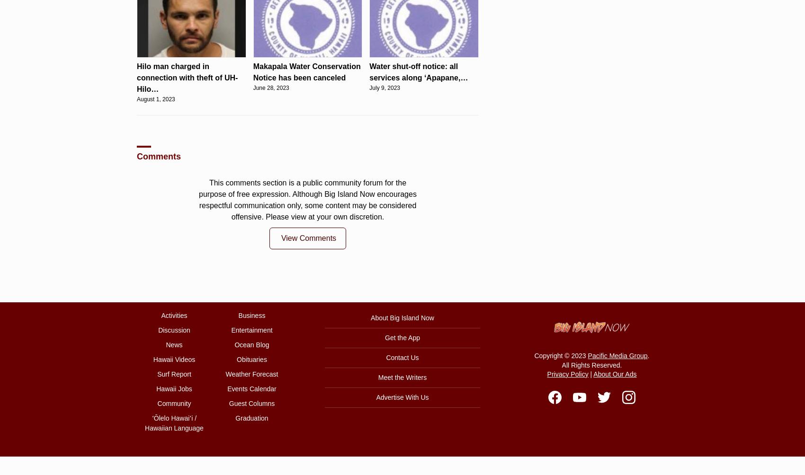 This screenshot has height=475, width=805. What do you see at coordinates (168, 334) in the screenshot?
I see `'Related Articles'` at bounding box center [168, 334].